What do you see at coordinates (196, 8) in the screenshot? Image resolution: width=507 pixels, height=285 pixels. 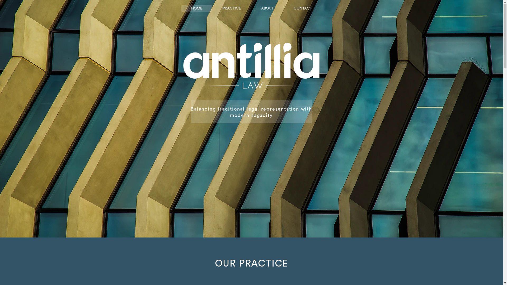 I see `'HOME'` at bounding box center [196, 8].